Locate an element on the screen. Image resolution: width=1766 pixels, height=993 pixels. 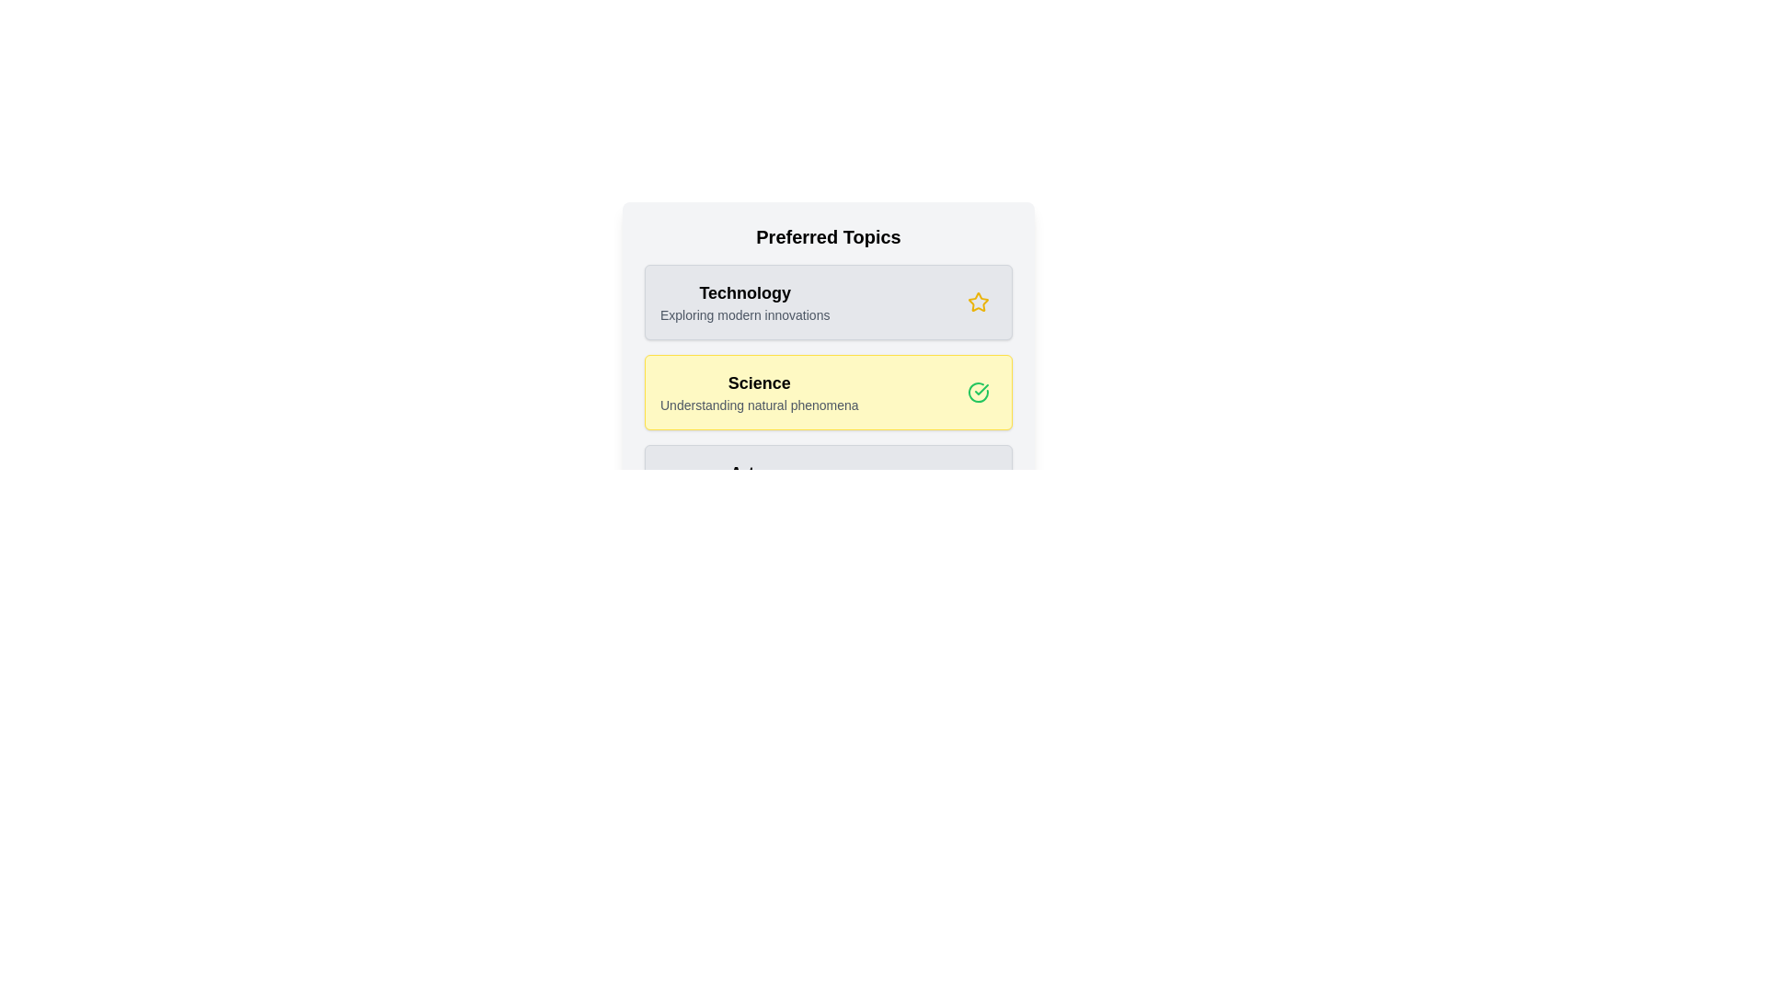
the topic name to highlight or focus on it. Use the parameter Science to specify the topic to interact with is located at coordinates (759, 382).